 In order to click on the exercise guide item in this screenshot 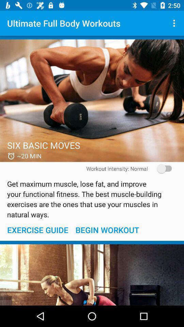, I will do `click(37, 230)`.